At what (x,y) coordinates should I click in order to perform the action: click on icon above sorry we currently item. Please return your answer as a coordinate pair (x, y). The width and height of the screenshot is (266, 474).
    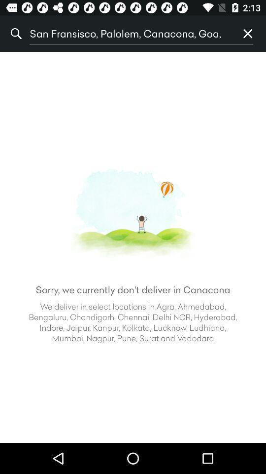
    Looking at the image, I should click on (247, 34).